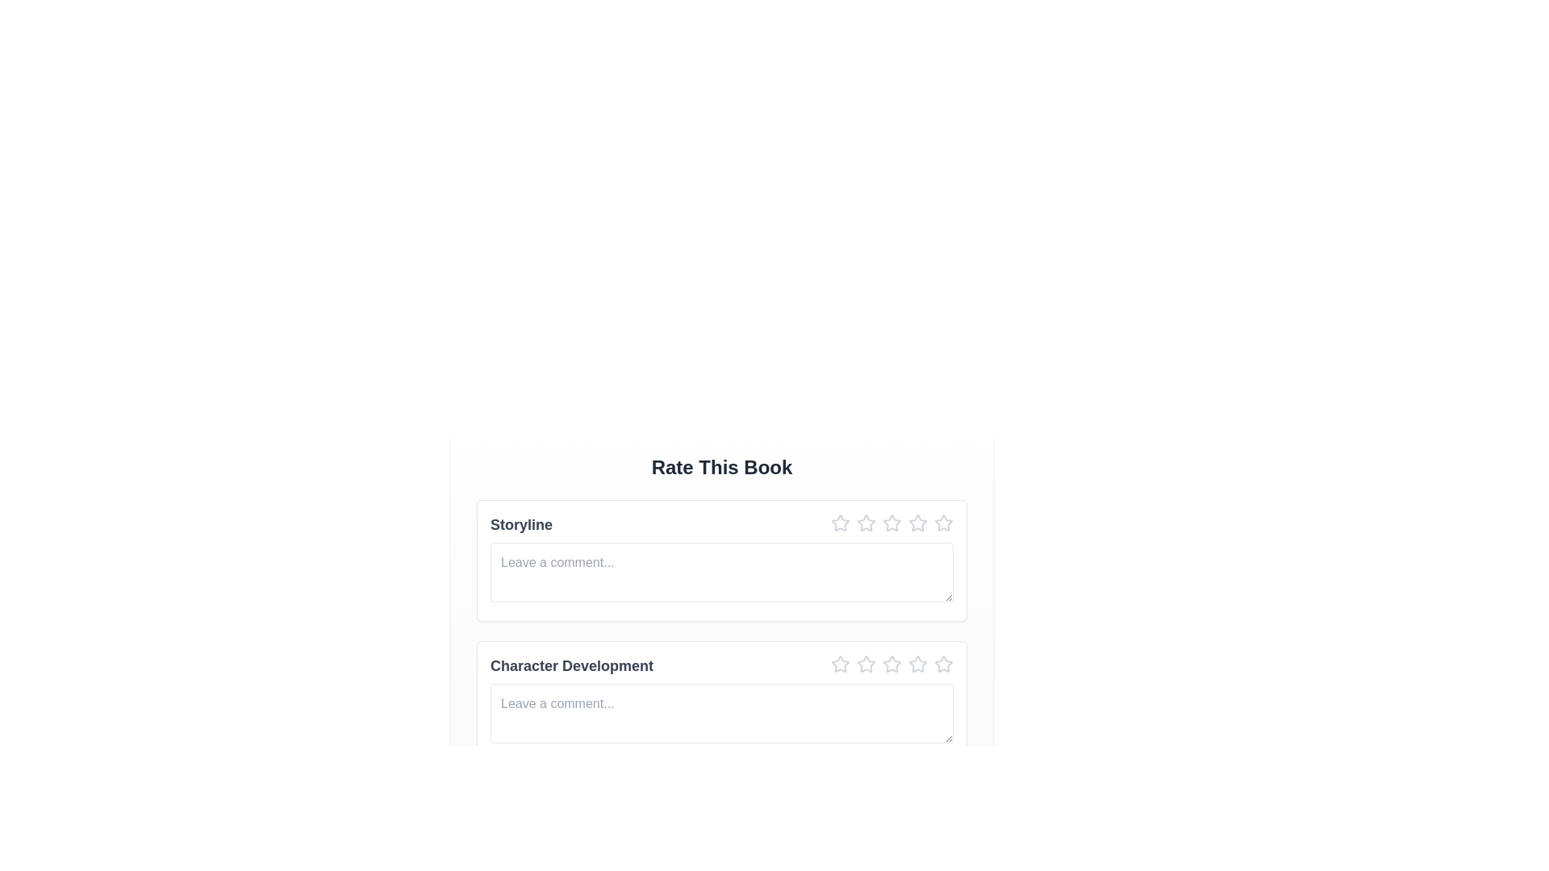 This screenshot has width=1549, height=871. Describe the element at coordinates (917, 665) in the screenshot. I see `the sixth star in the 7-star rating system for 'Character Development'` at that location.